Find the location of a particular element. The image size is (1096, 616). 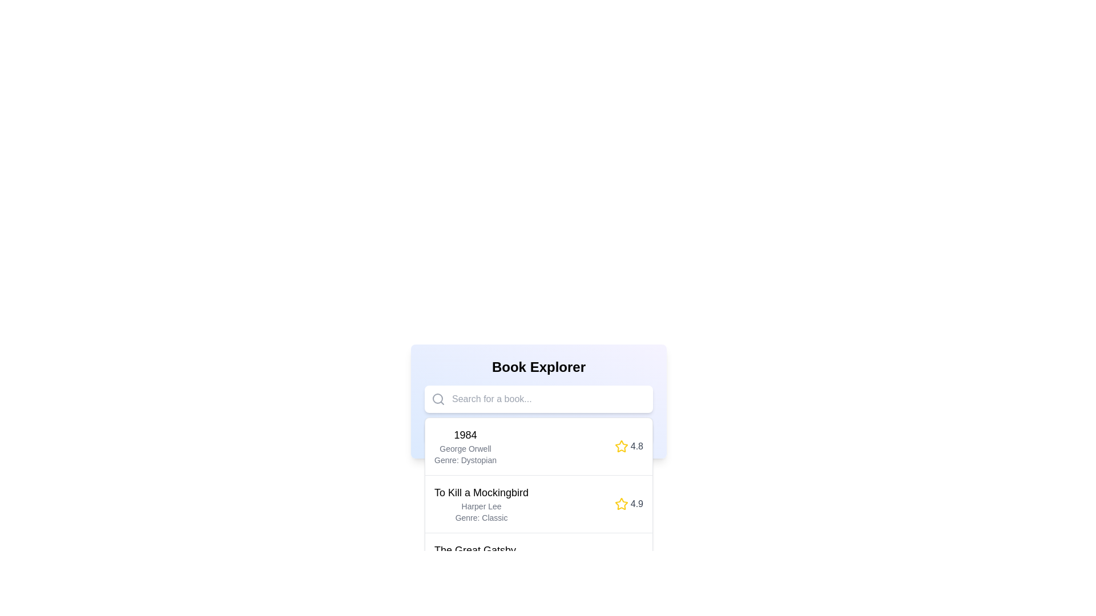

the star-shaped rating icon next to the book titled '1984' is located at coordinates (620, 445).